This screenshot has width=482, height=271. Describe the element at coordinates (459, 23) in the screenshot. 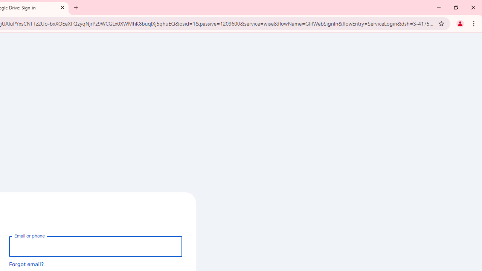

I see `'You'` at that location.